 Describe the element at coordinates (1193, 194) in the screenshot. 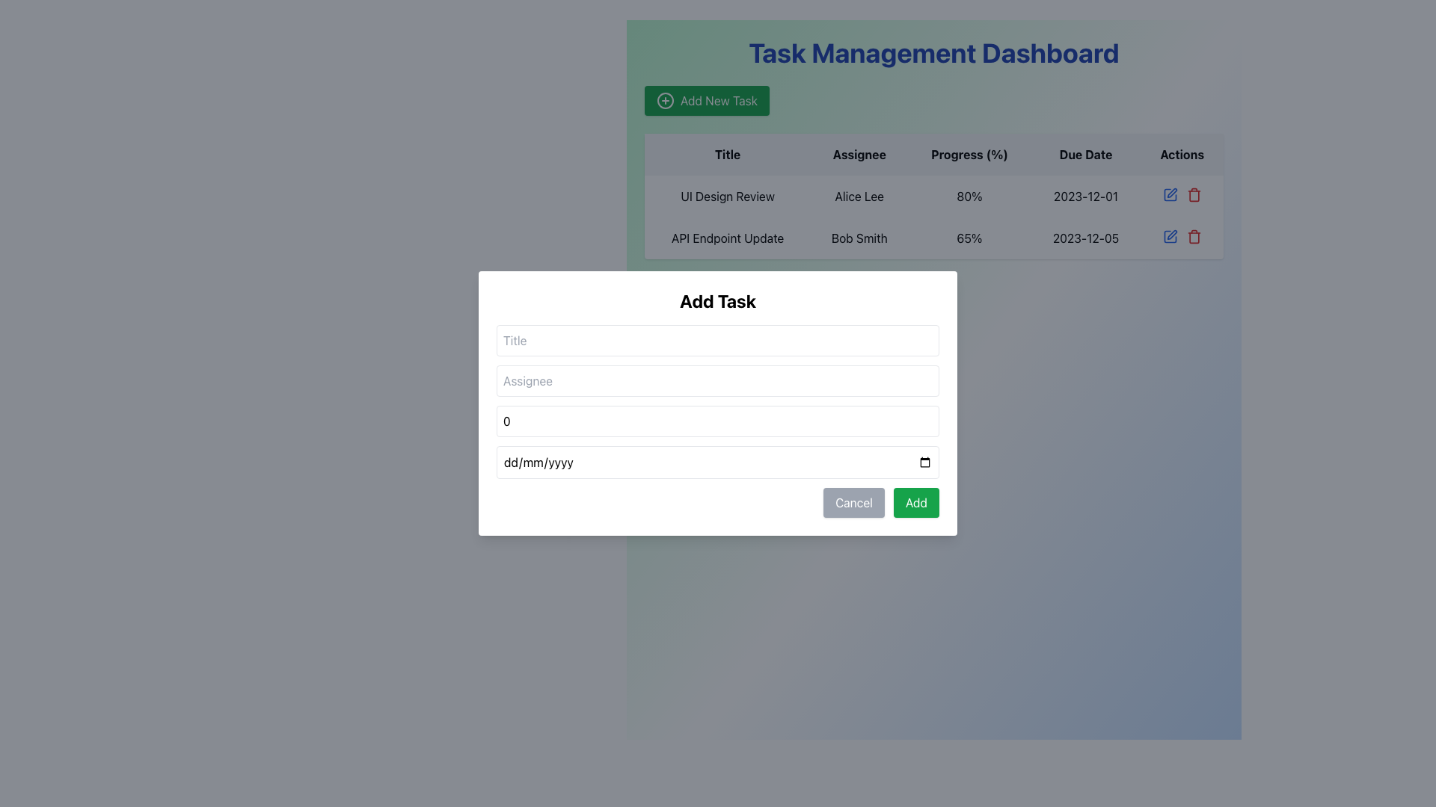

I see `the red 'trash can' icon in the 'Actions' column of the task list` at that location.